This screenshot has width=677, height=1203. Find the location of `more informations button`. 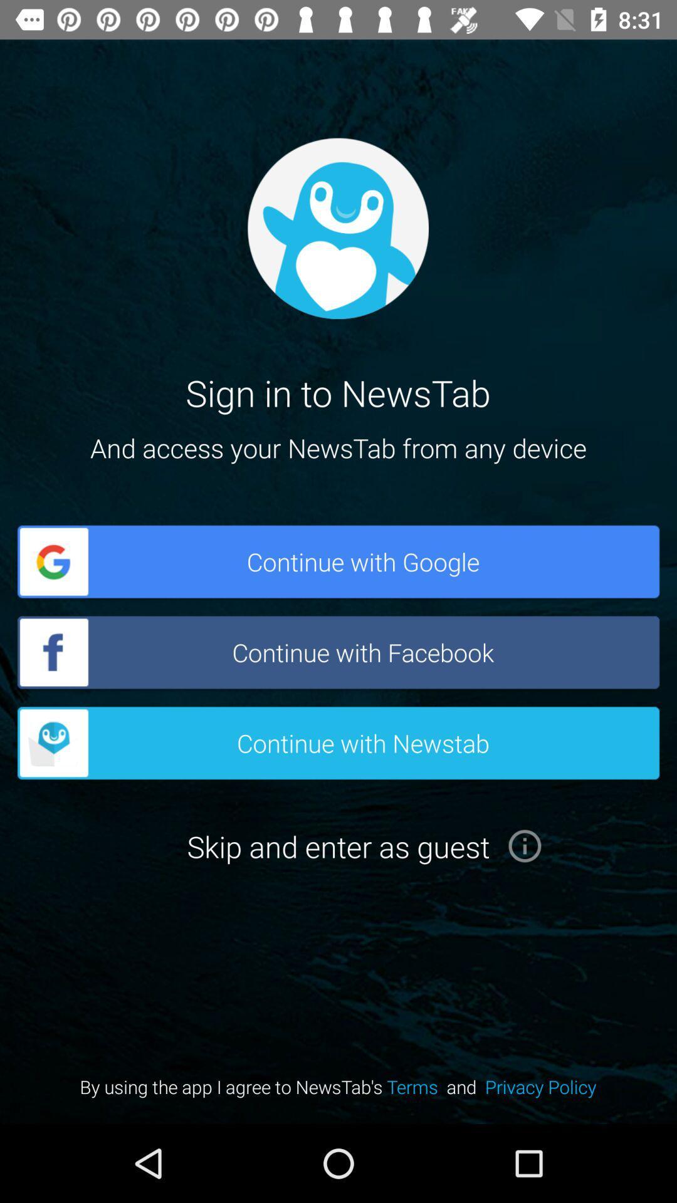

more informations button is located at coordinates (525, 846).